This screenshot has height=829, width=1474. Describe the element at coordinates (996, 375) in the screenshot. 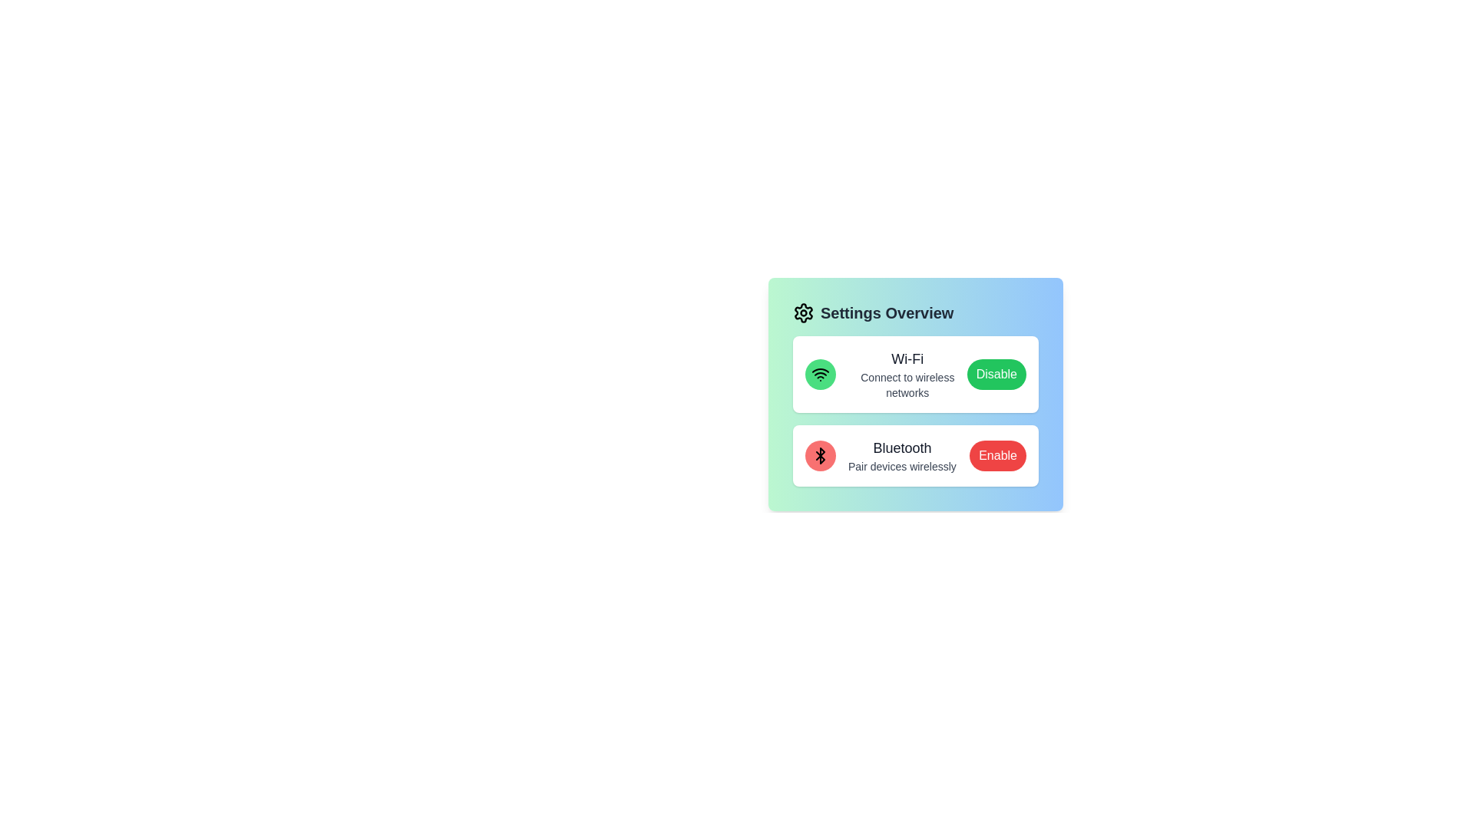

I see `the 'Disable' button for Wi-Fi` at that location.